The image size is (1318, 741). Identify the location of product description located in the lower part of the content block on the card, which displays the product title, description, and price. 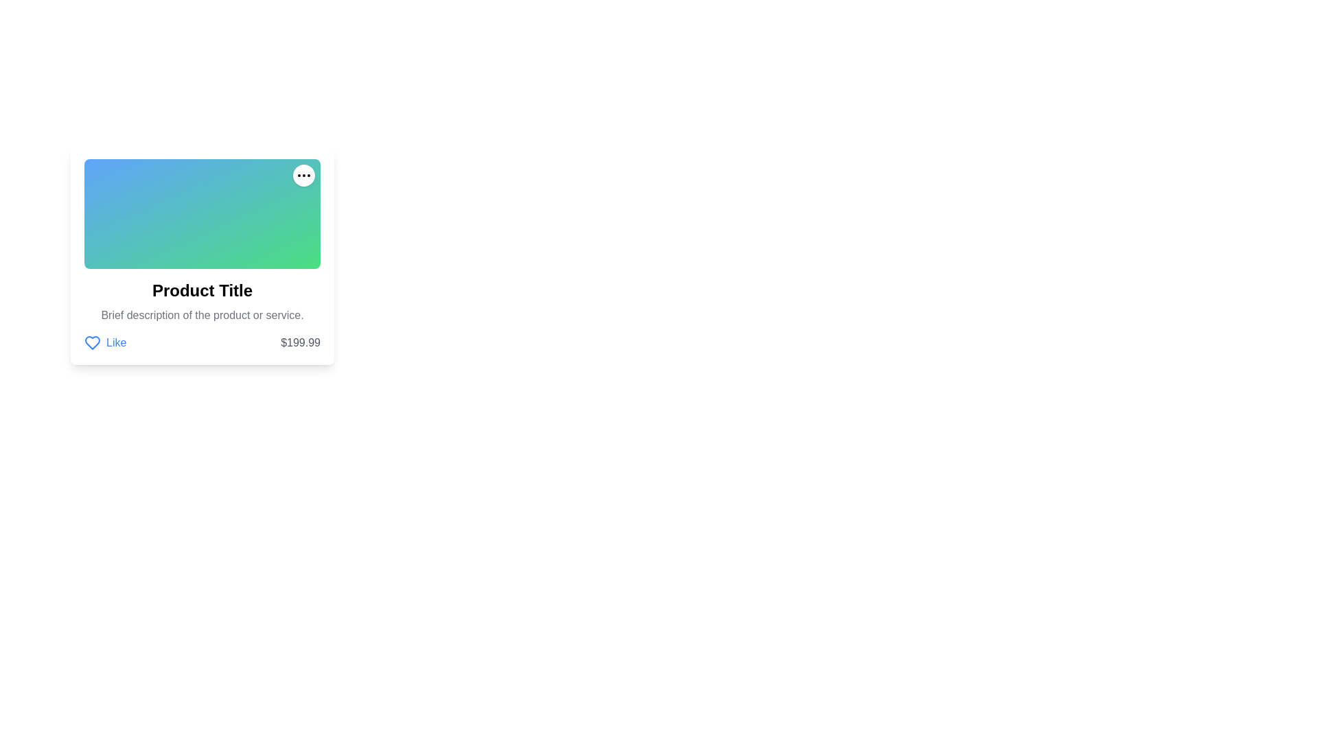
(201, 315).